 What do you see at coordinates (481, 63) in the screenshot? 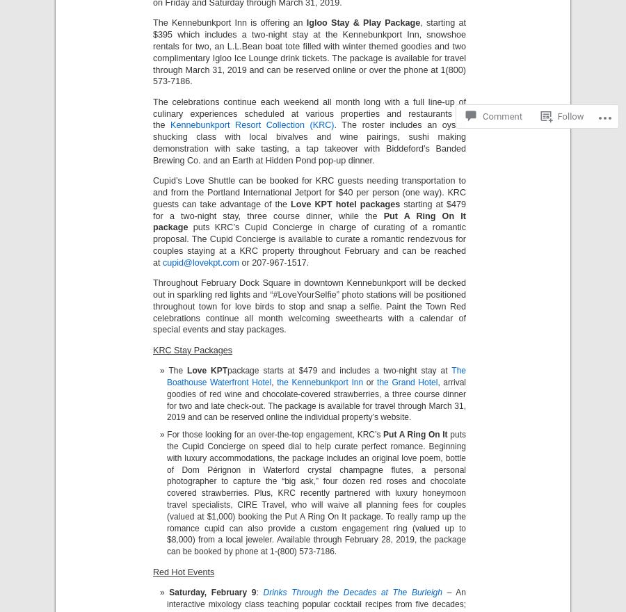
I see `'Comment'` at bounding box center [481, 63].